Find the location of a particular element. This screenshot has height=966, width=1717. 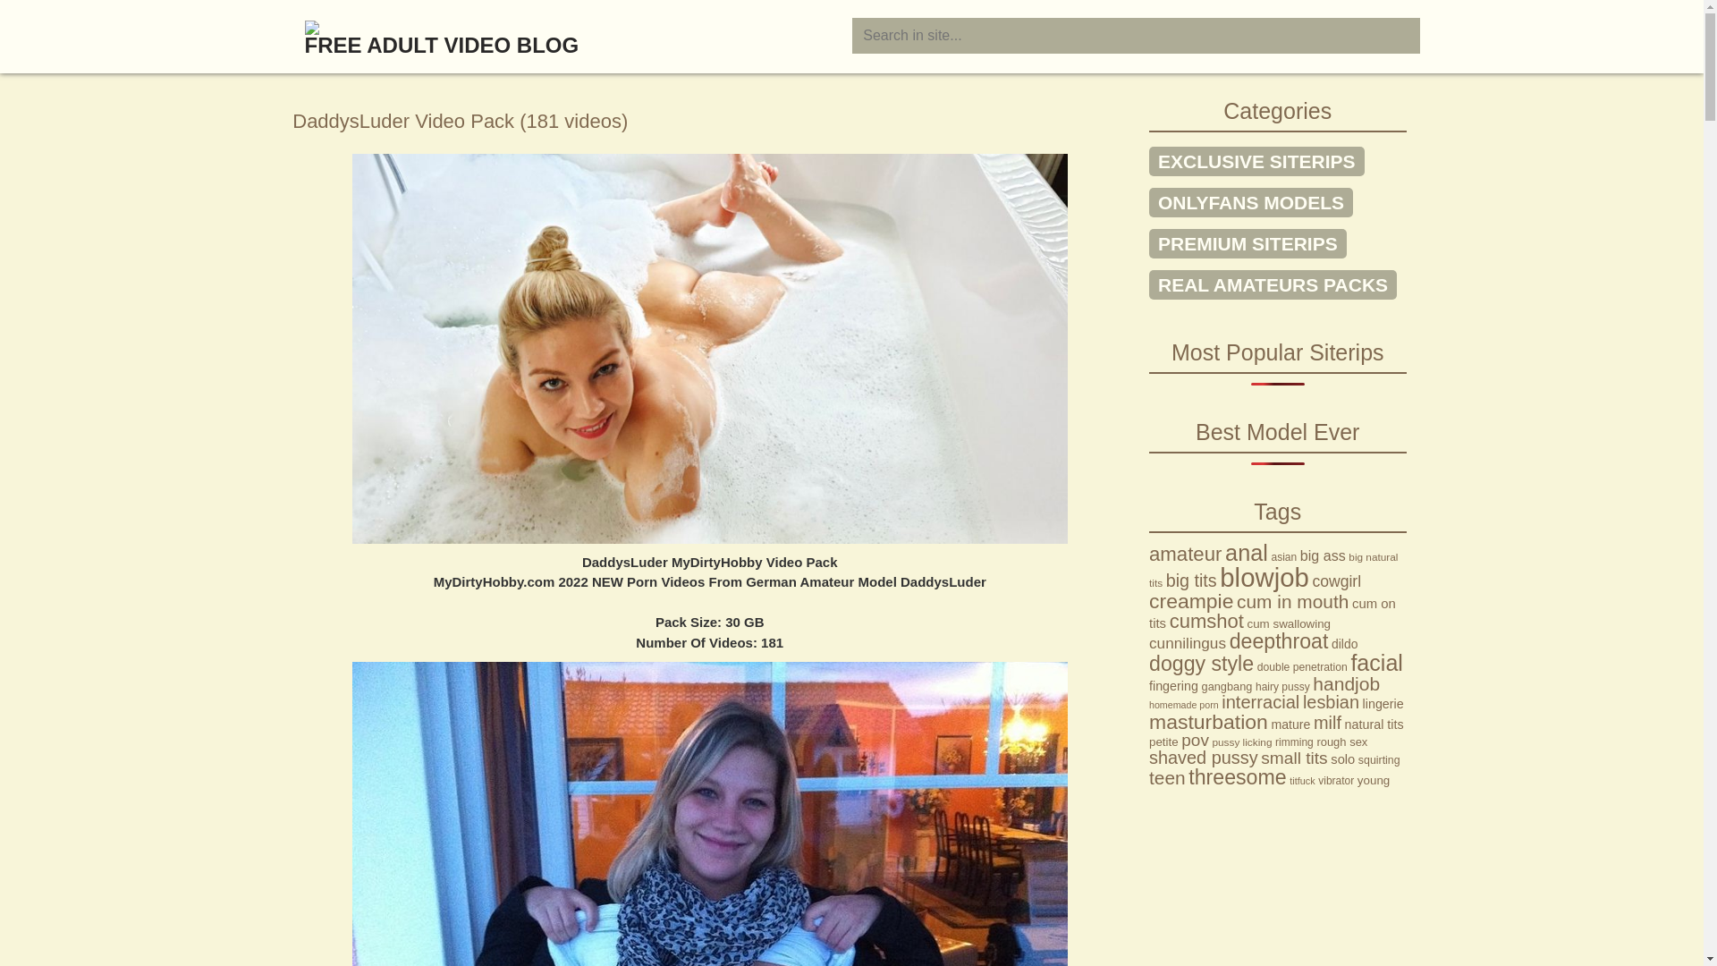

'big tits' is located at coordinates (1191, 580).